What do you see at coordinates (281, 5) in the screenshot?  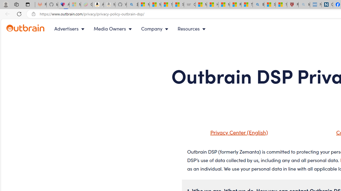 I see `'12 Popular Science Lies that Must be Corrected'` at bounding box center [281, 5].